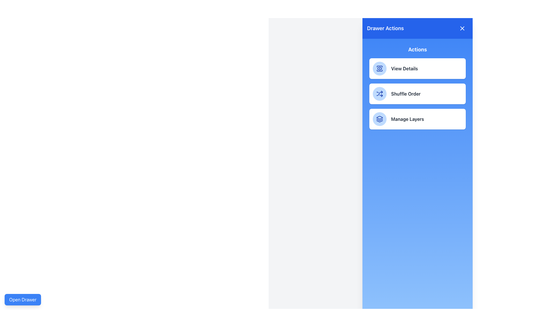  Describe the element at coordinates (417, 94) in the screenshot. I see `the 'Shuffle Order' button located in the blue panel labeled 'Drawer Actions', which is the second button in a vertical list of options` at that location.